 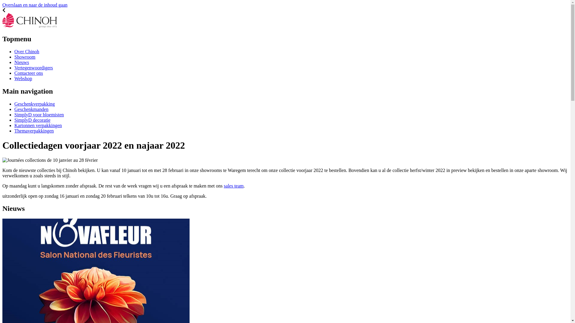 I want to click on 'SimplyD decoratie', so click(x=32, y=120).